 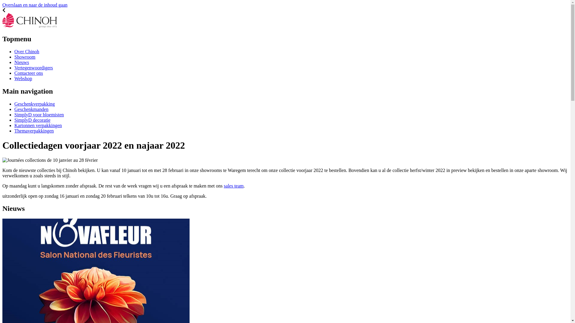 I want to click on 'SimplyD decoratie', so click(x=32, y=120).